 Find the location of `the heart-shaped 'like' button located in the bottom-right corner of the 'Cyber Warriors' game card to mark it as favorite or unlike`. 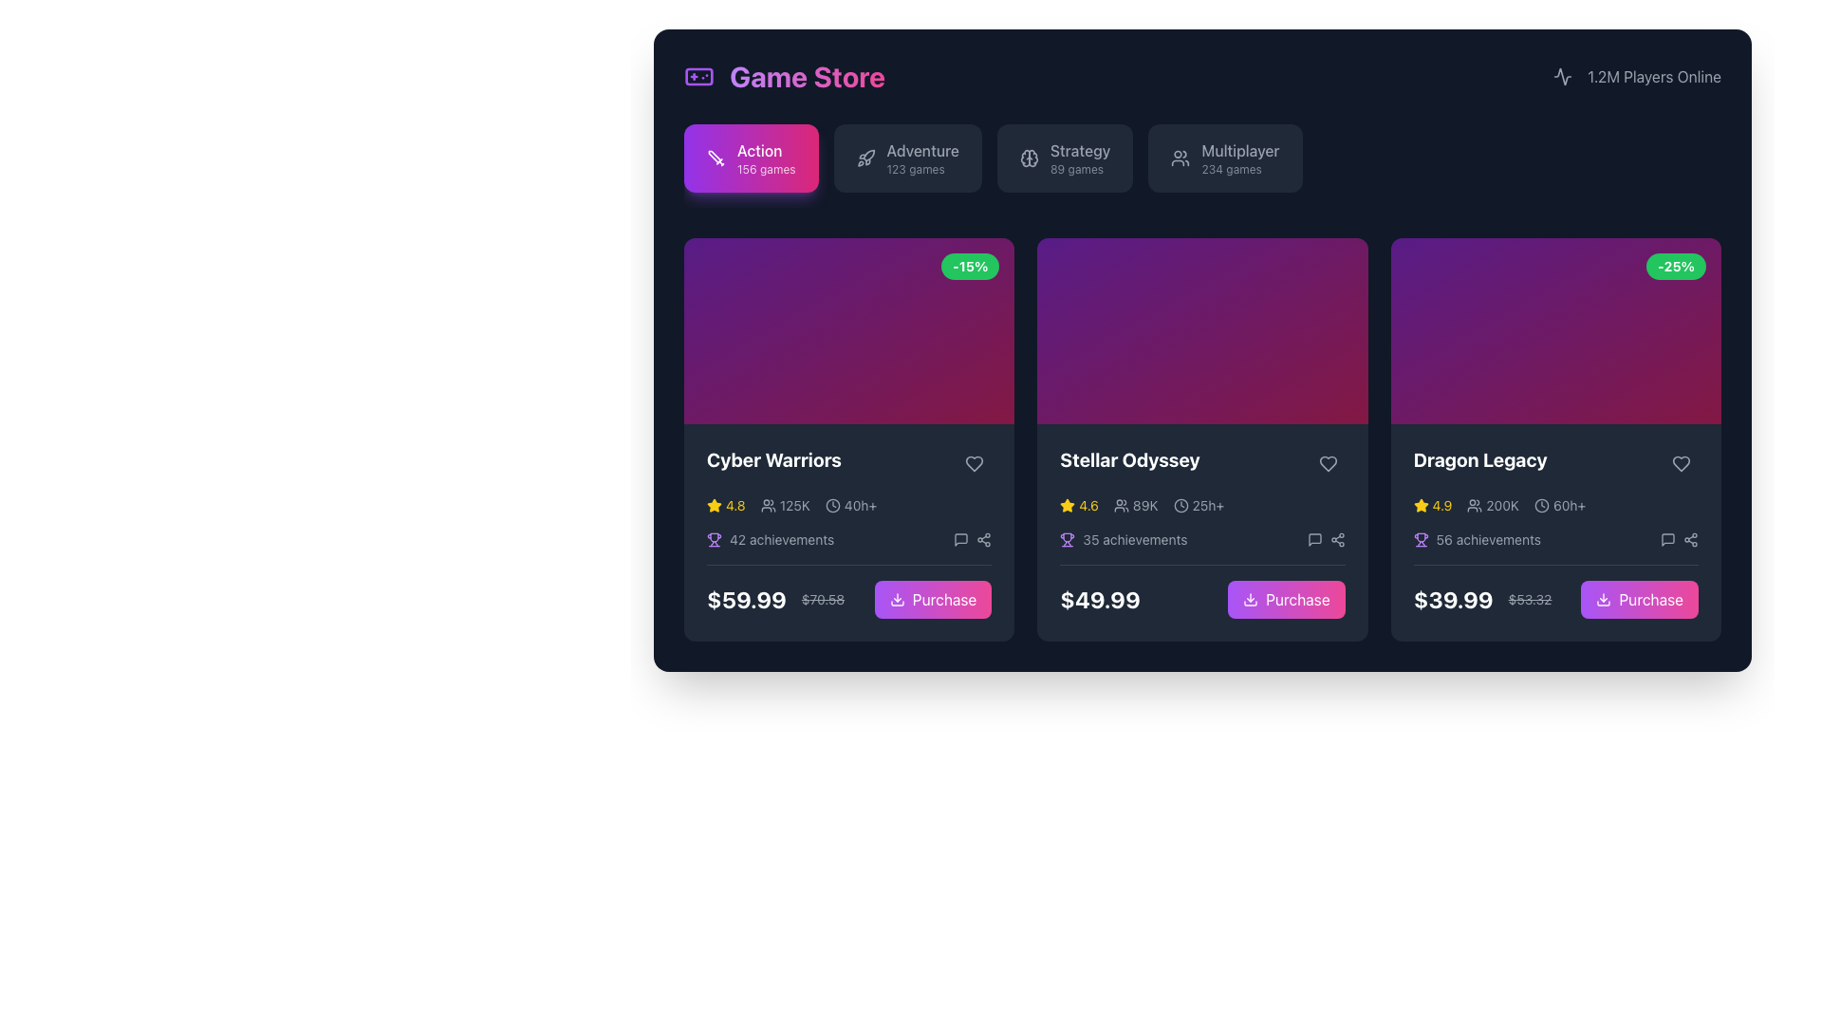

the heart-shaped 'like' button located in the bottom-right corner of the 'Cyber Warriors' game card to mark it as favorite or unlike is located at coordinates (975, 463).